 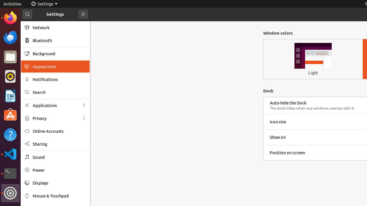 What do you see at coordinates (278, 121) in the screenshot?
I see `'Icon size'` at bounding box center [278, 121].